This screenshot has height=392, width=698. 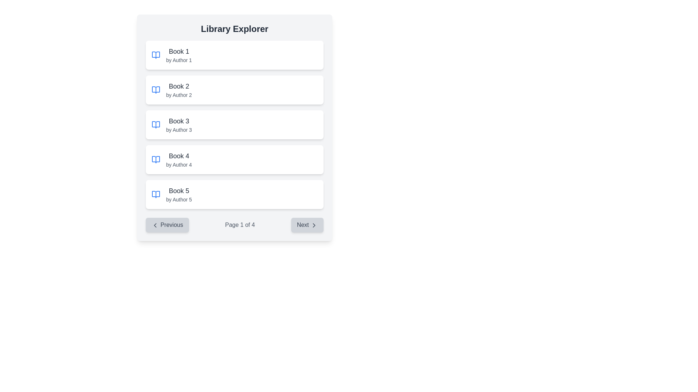 I want to click on the book icon representing 'Book 3' by 'Author 3', which is located to the left of its title and subtitle, so click(x=155, y=124).